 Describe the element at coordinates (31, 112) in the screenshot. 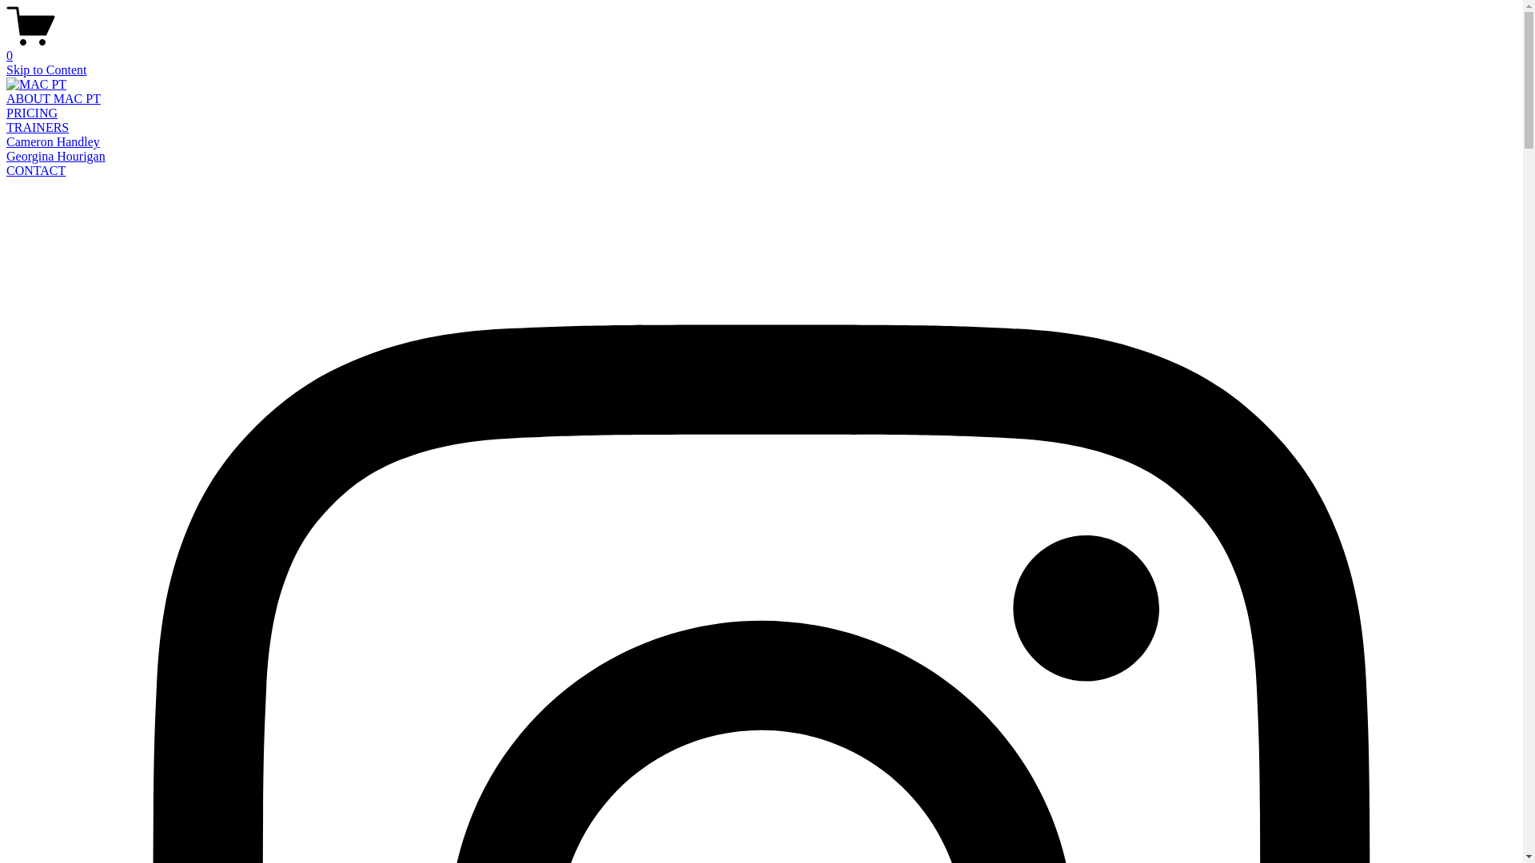

I see `'PRICING'` at that location.